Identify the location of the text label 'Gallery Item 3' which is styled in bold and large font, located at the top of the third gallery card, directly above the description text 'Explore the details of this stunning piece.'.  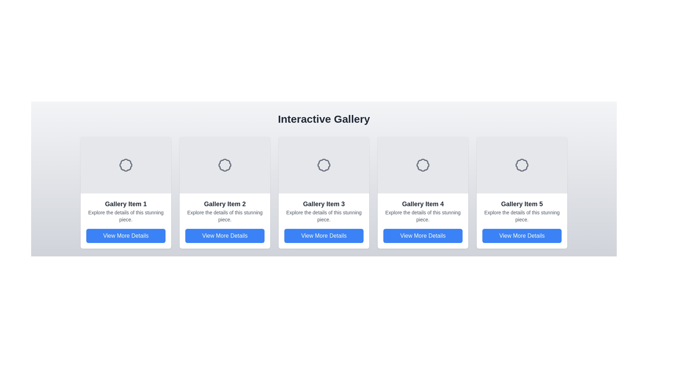
(324, 204).